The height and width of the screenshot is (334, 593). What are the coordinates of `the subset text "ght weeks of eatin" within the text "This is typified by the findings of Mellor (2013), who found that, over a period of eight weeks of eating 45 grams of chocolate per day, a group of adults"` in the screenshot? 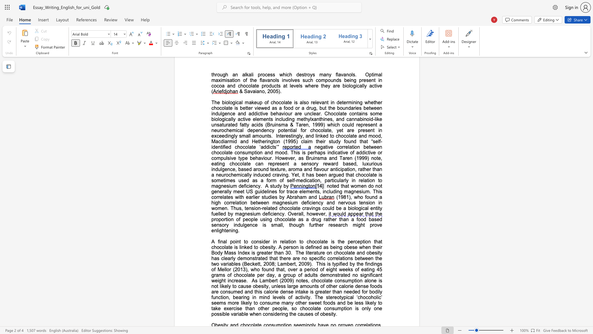 It's located at (330, 269).